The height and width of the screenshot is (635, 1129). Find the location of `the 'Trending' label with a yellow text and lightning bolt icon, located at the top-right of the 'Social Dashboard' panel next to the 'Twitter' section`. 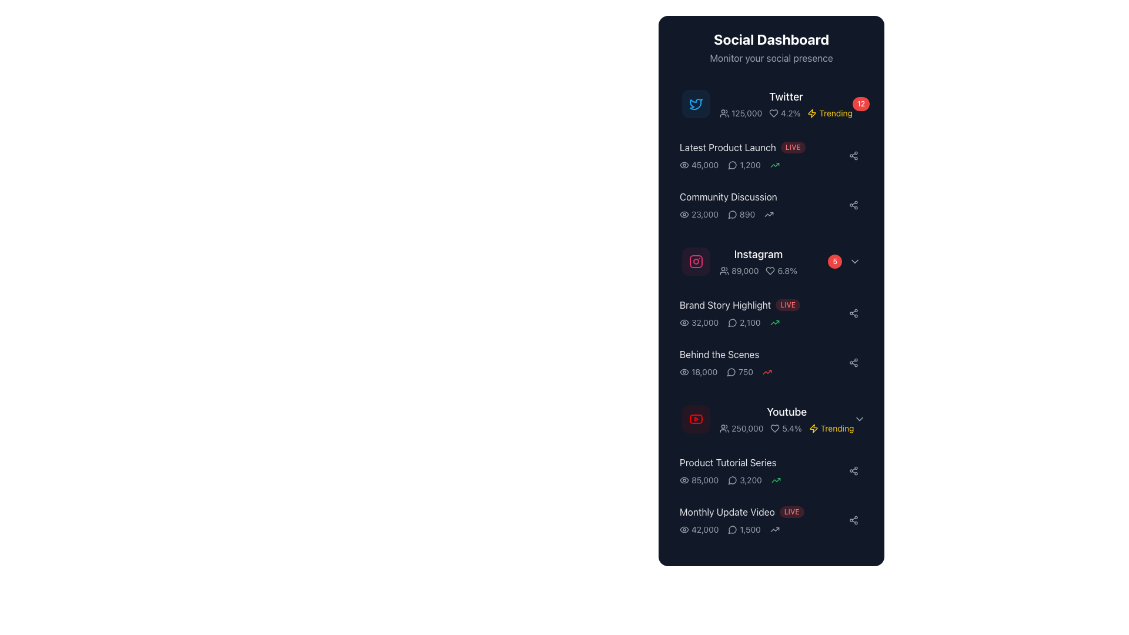

the 'Trending' label with a yellow text and lightning bolt icon, located at the top-right of the 'Social Dashboard' panel next to the 'Twitter' section is located at coordinates (829, 113).